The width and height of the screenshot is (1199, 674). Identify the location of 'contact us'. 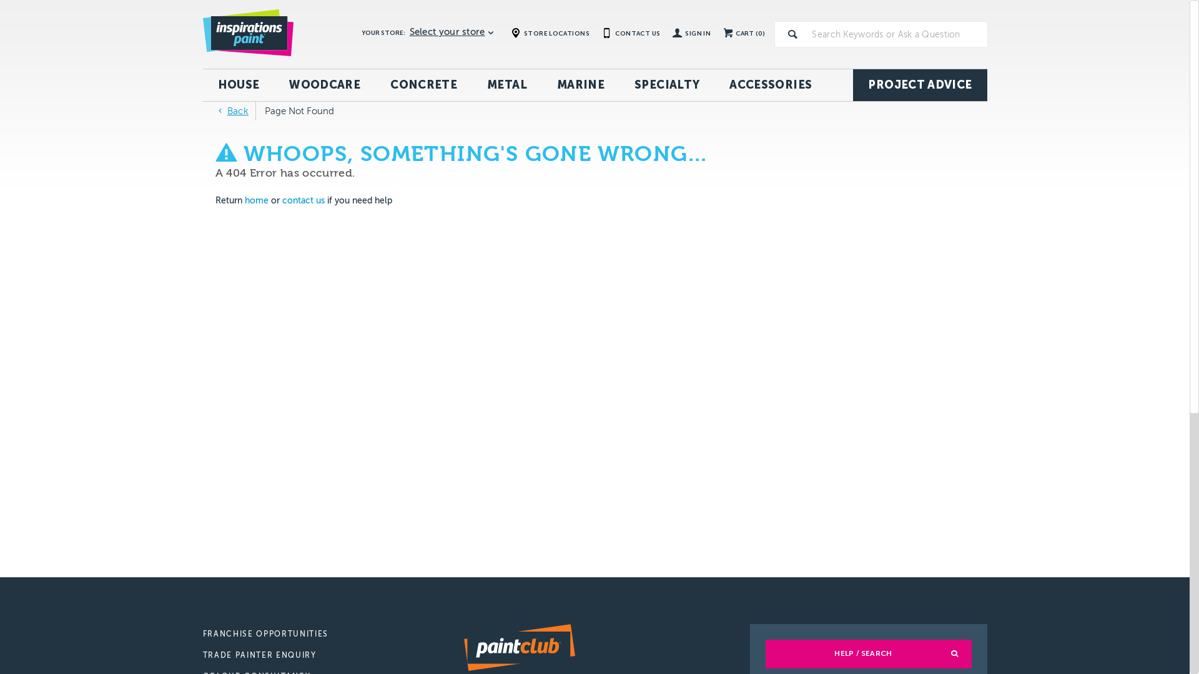
(303, 200).